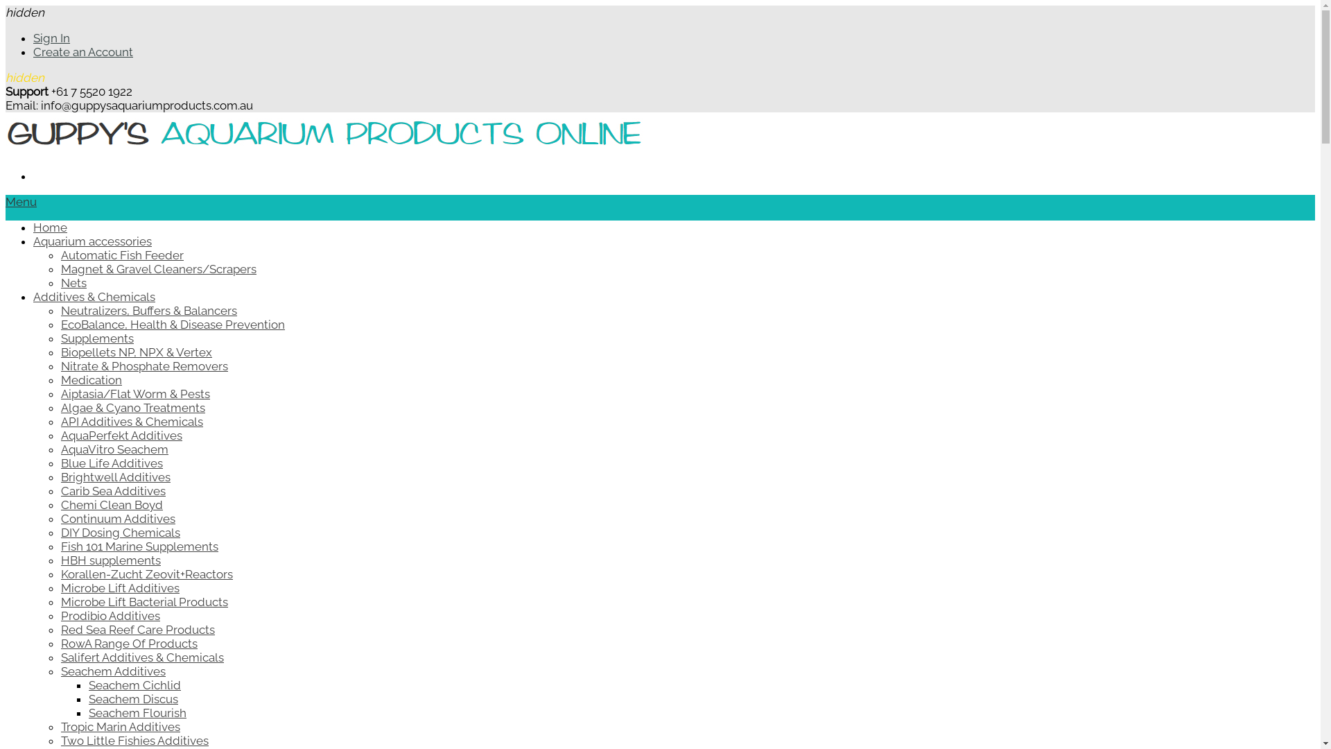 The image size is (1331, 749). What do you see at coordinates (144, 365) in the screenshot?
I see `'Nitrate & Phosphate Removers'` at bounding box center [144, 365].